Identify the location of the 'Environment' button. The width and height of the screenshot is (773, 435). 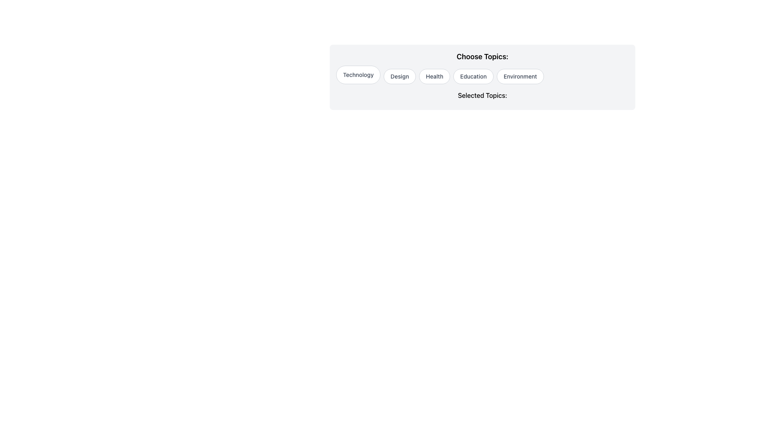
(520, 76).